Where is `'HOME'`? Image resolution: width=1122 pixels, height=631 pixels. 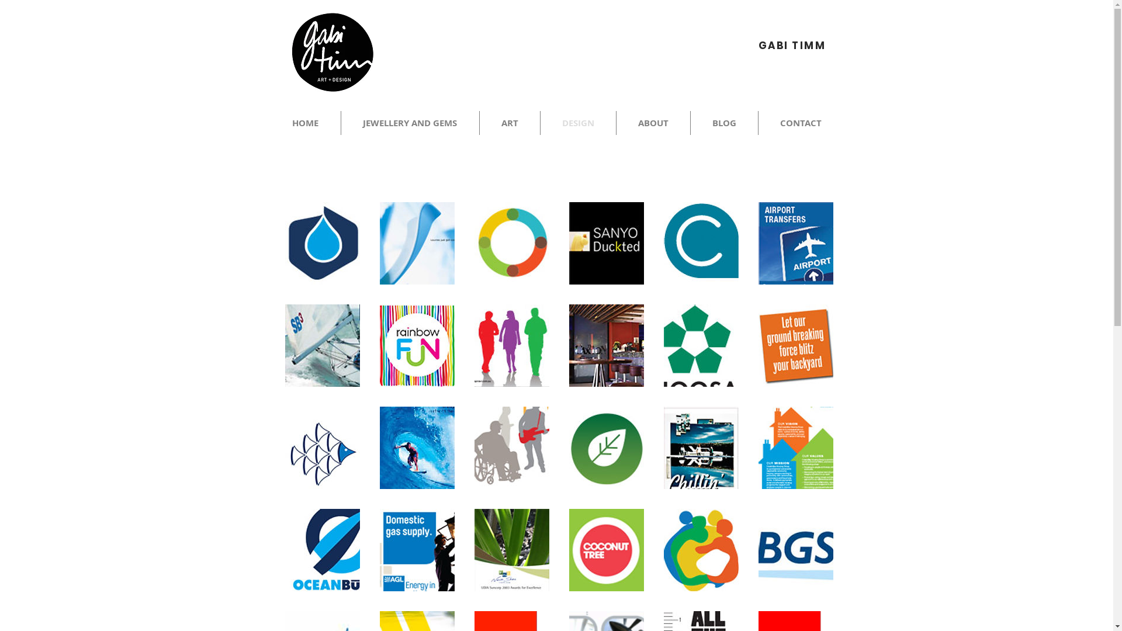
'HOME' is located at coordinates (305, 123).